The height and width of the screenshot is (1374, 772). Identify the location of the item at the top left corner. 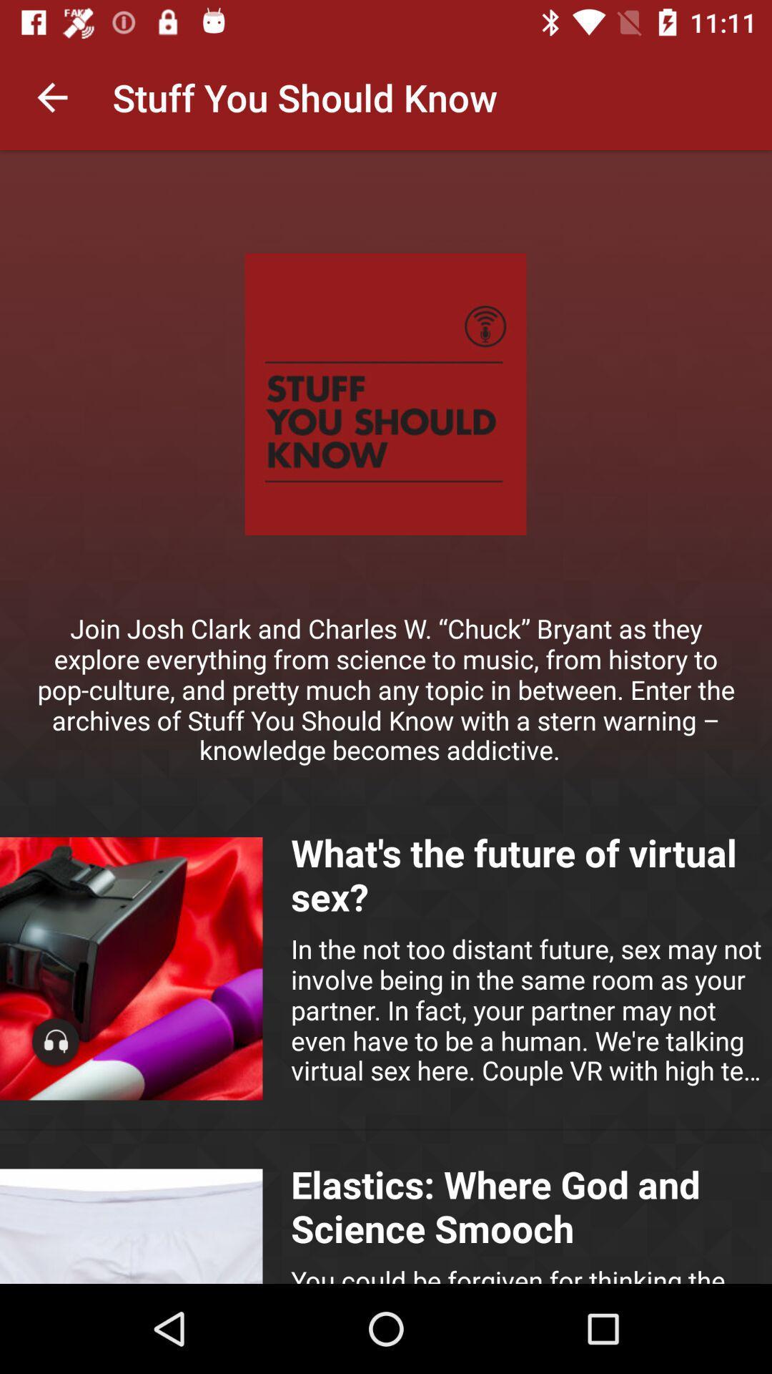
(51, 97).